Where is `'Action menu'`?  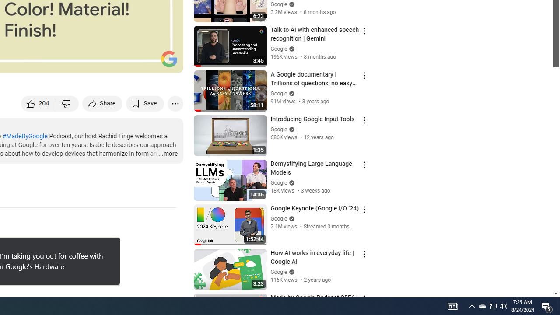 'Action menu' is located at coordinates (364, 298).